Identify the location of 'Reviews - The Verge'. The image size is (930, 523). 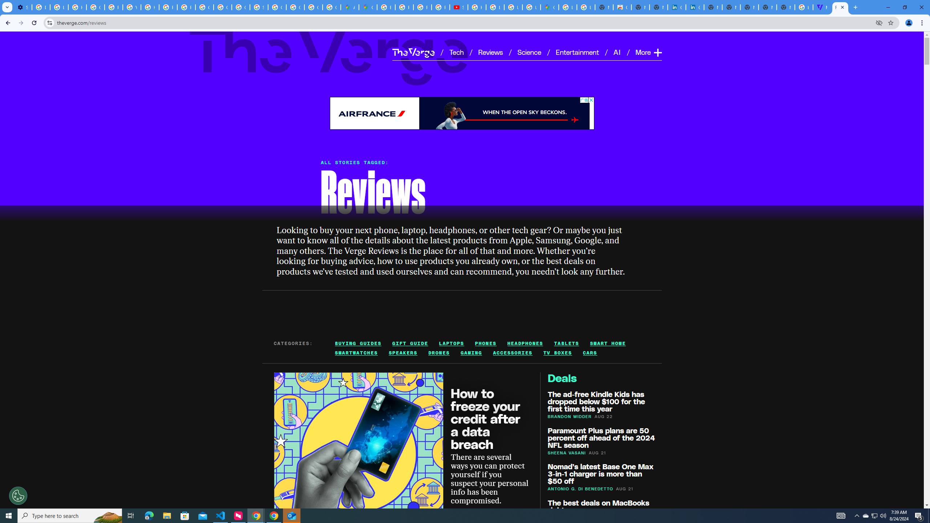
(840, 7).